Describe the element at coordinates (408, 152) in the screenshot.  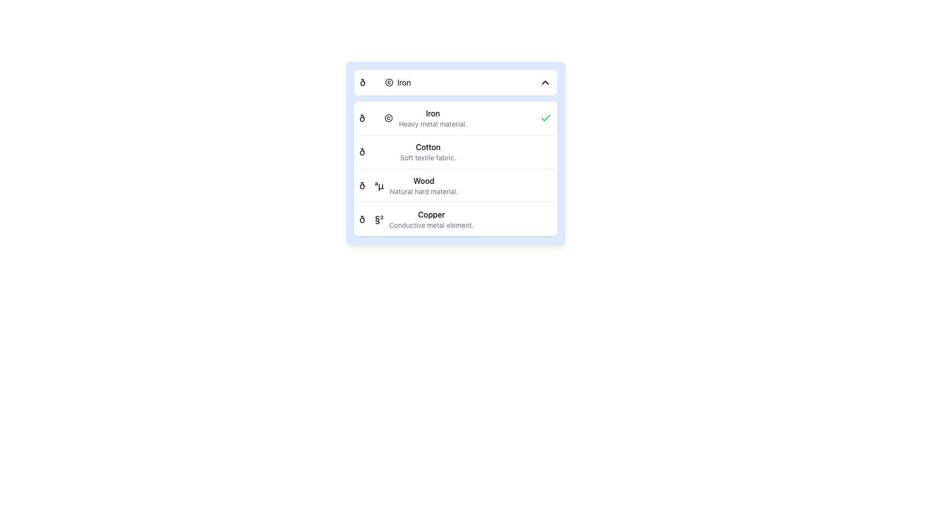
I see `the selectable list item representing 'Cotton'` at that location.